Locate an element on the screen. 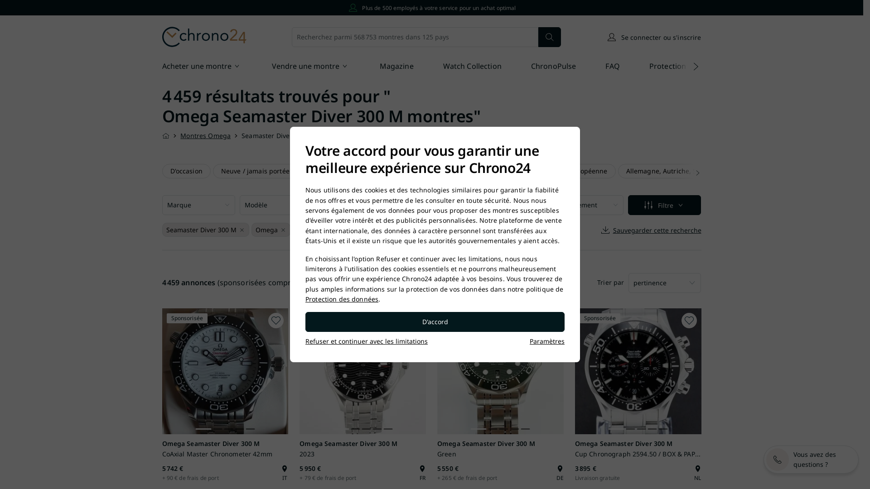  'NL' is located at coordinates (697, 472).